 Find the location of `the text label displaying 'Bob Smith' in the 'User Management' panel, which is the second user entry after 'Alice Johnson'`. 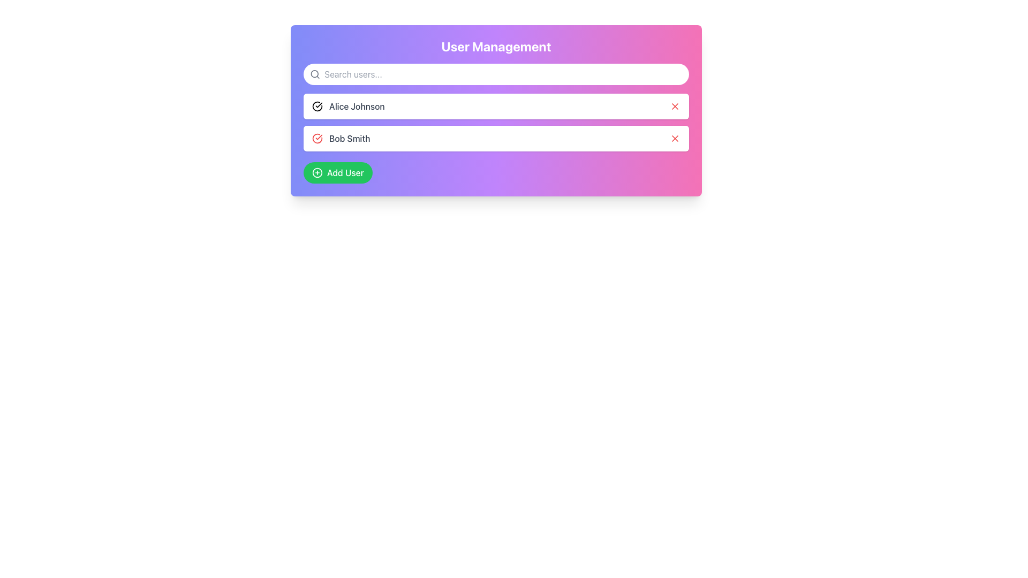

the text label displaying 'Bob Smith' in the 'User Management' panel, which is the second user entry after 'Alice Johnson' is located at coordinates (350, 138).